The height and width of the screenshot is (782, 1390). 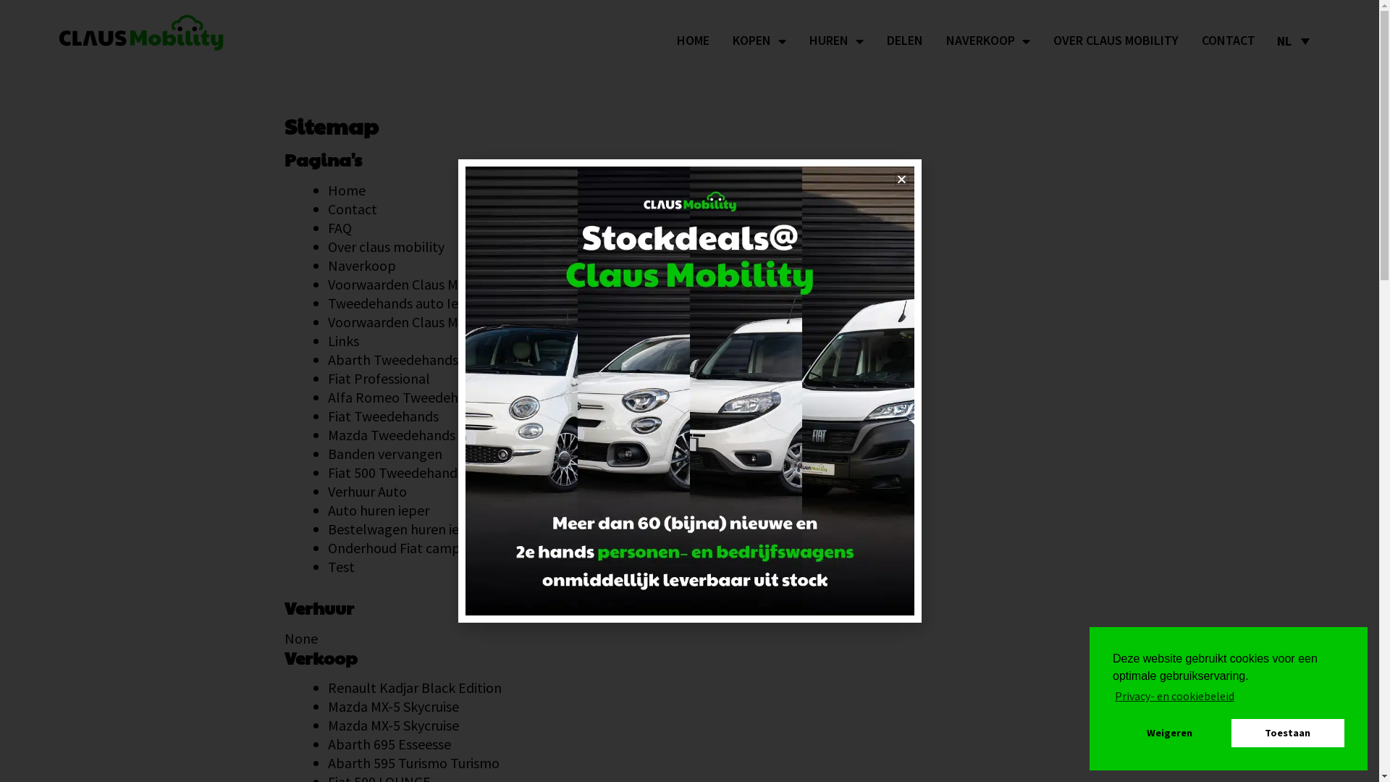 What do you see at coordinates (987, 40) in the screenshot?
I see `'NAVERKOOP'` at bounding box center [987, 40].